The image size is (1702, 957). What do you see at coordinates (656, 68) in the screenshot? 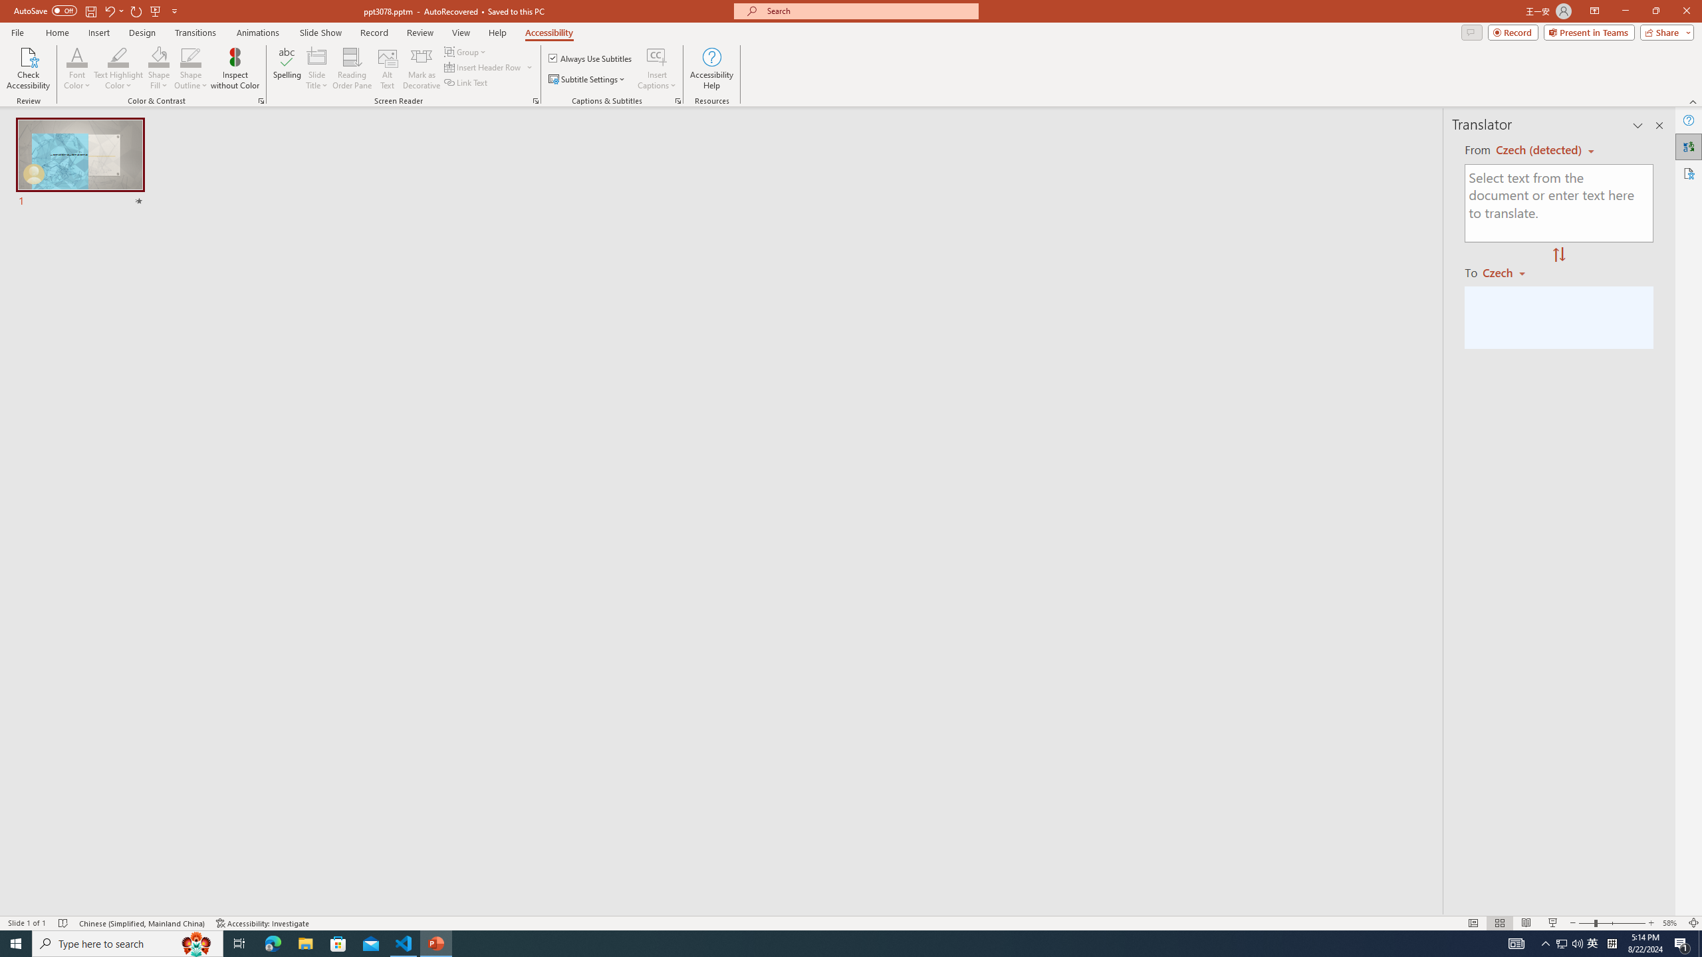
I see `'Insert Captions'` at bounding box center [656, 68].